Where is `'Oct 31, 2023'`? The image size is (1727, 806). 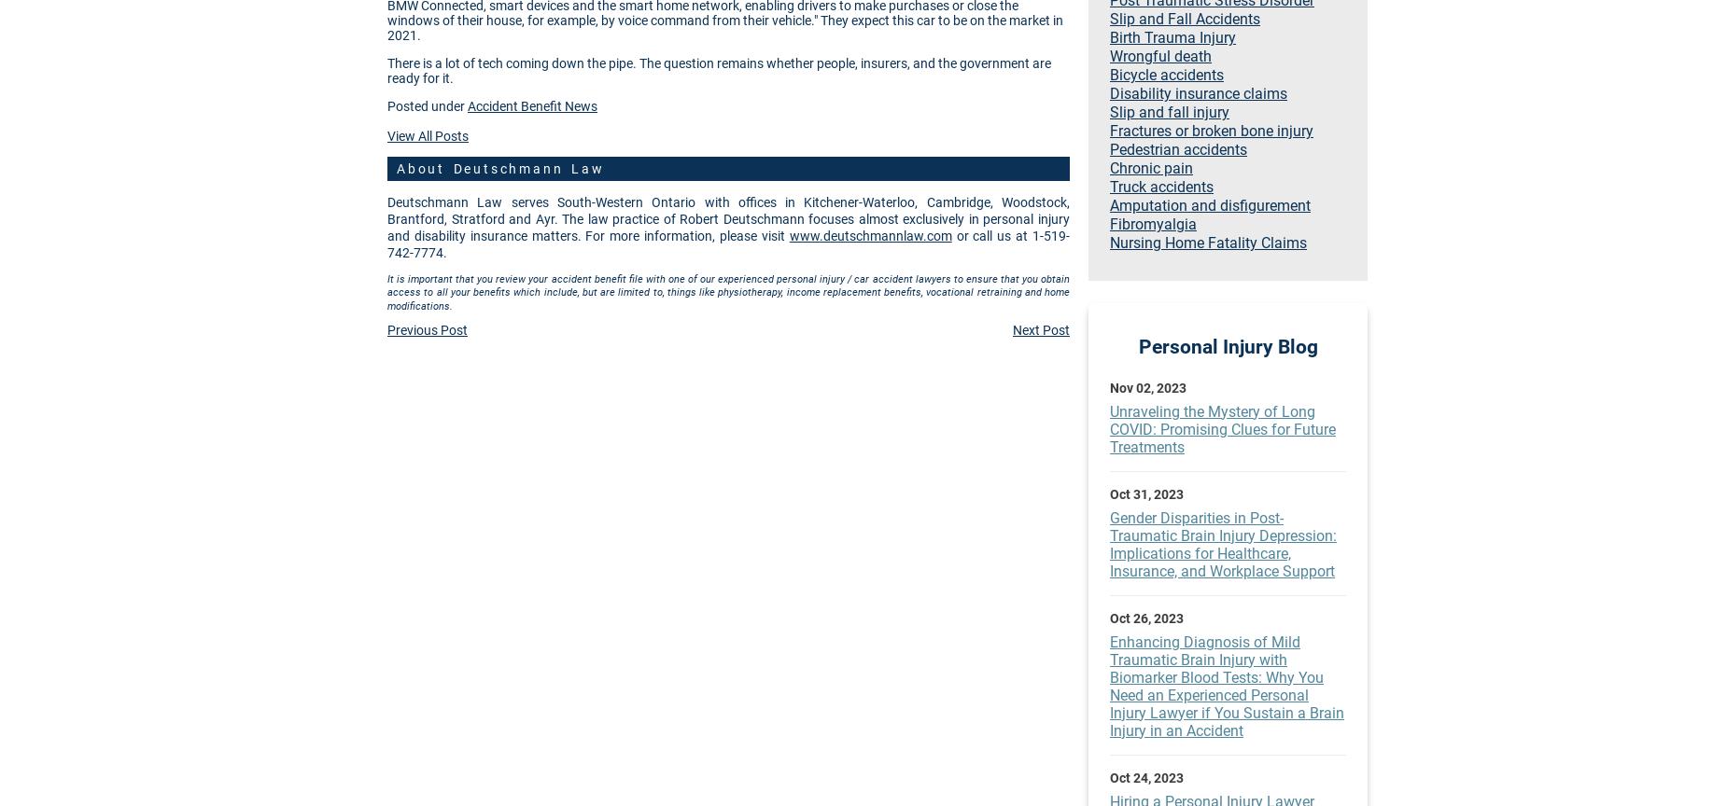
'Oct 31, 2023' is located at coordinates (1145, 493).